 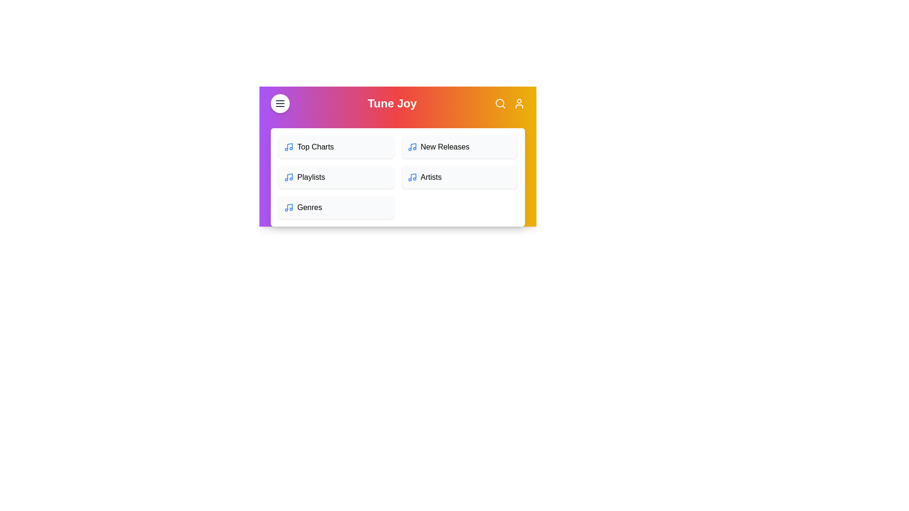 What do you see at coordinates (336, 147) in the screenshot?
I see `the menu item Top Charts to navigate` at bounding box center [336, 147].